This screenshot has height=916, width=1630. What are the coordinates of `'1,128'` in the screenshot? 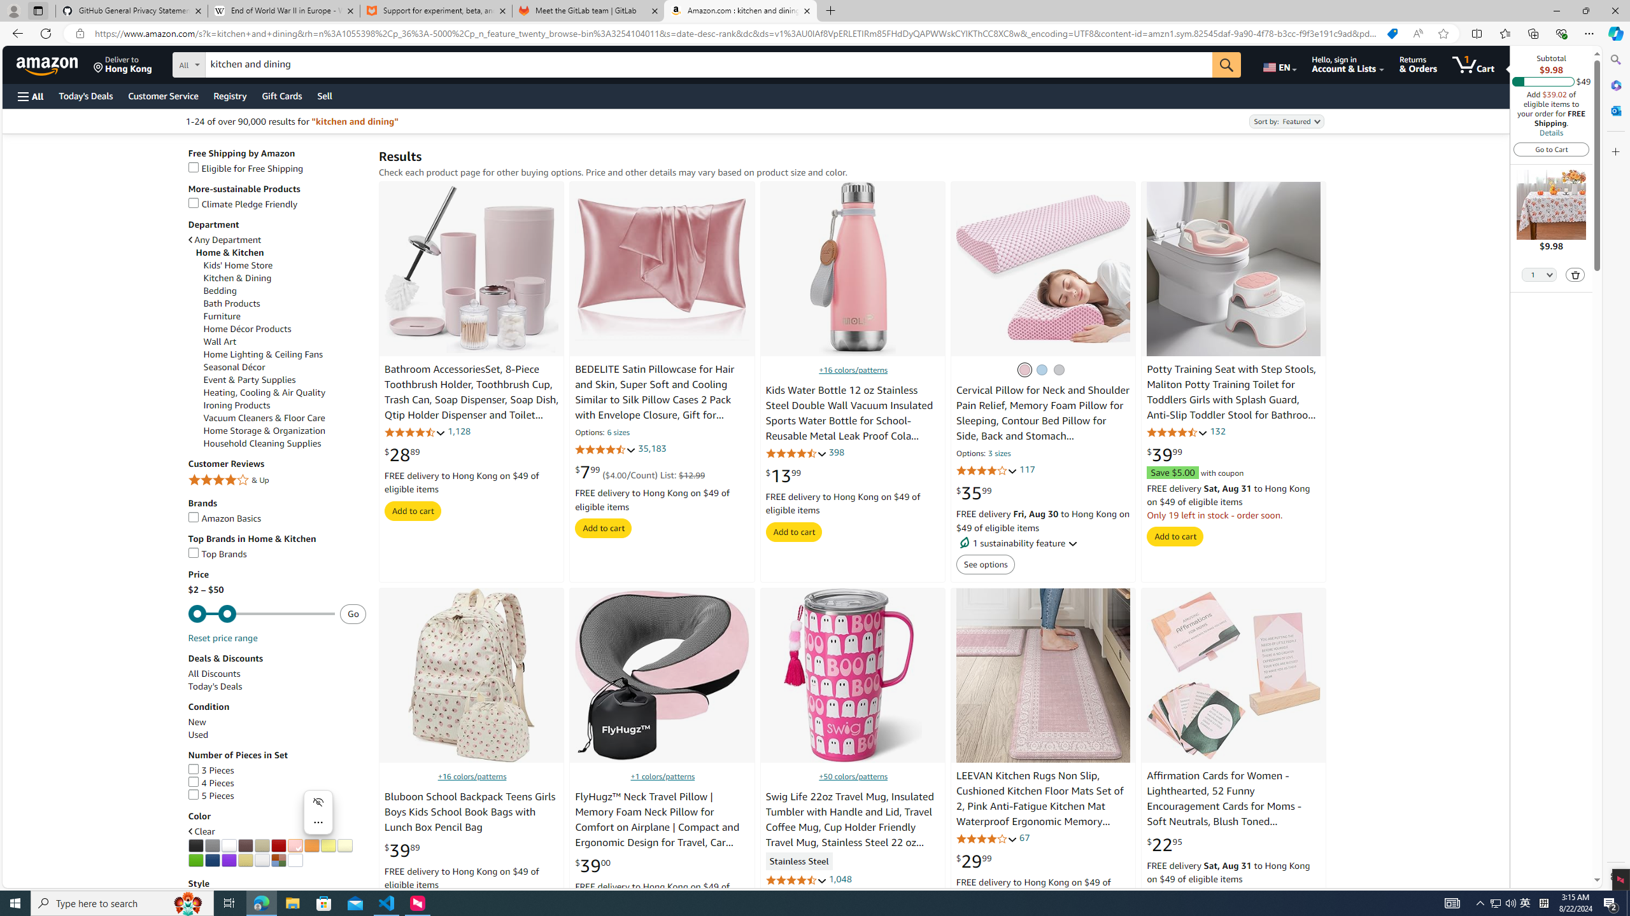 It's located at (459, 431).